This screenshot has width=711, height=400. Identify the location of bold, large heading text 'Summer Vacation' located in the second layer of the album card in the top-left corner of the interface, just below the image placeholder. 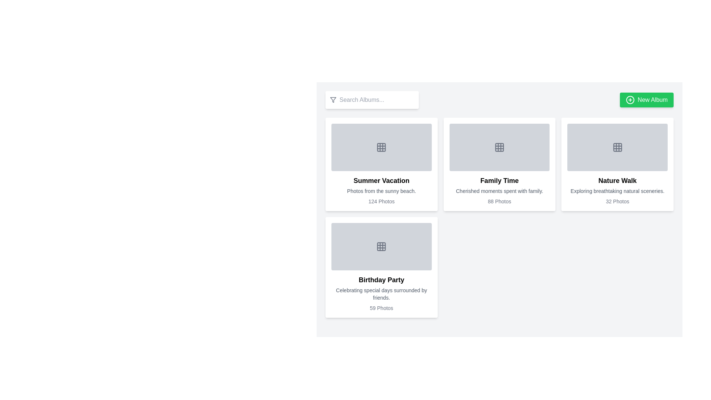
(381, 181).